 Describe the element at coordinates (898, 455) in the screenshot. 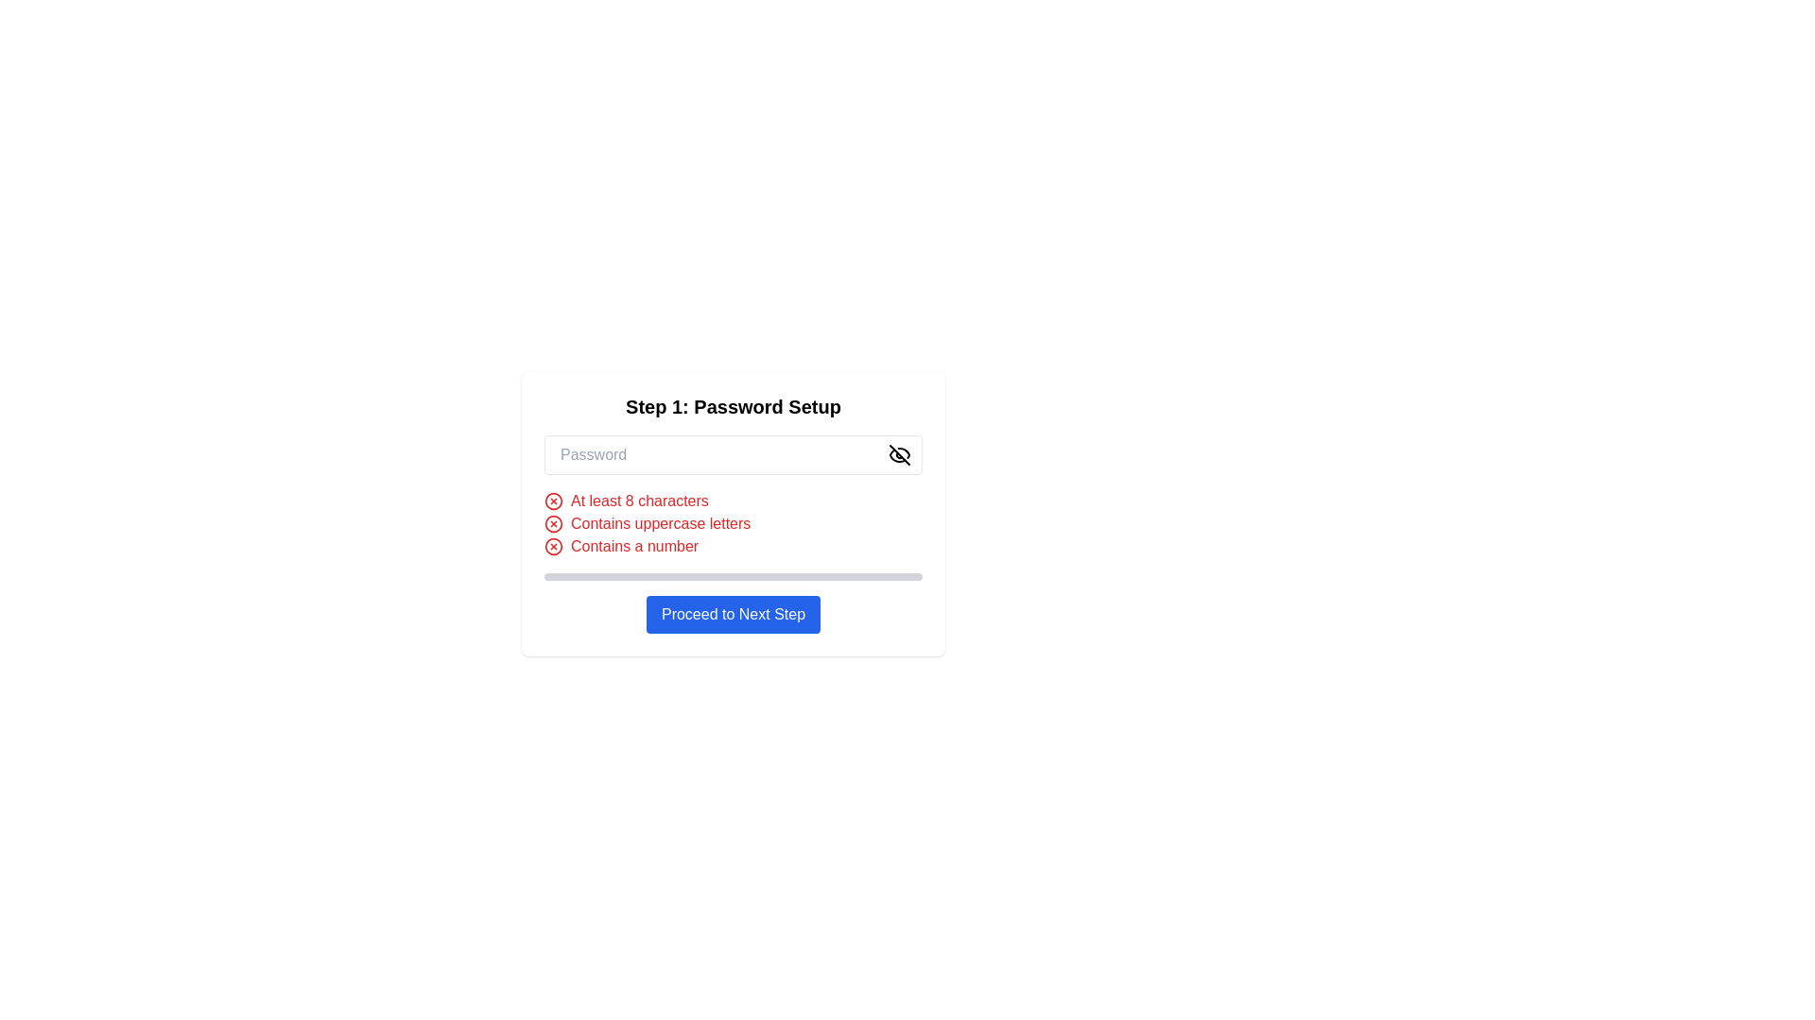

I see `the eye icon with a slash crossing it, which serves as a visibility toggle button located to the right of the password input field` at that location.